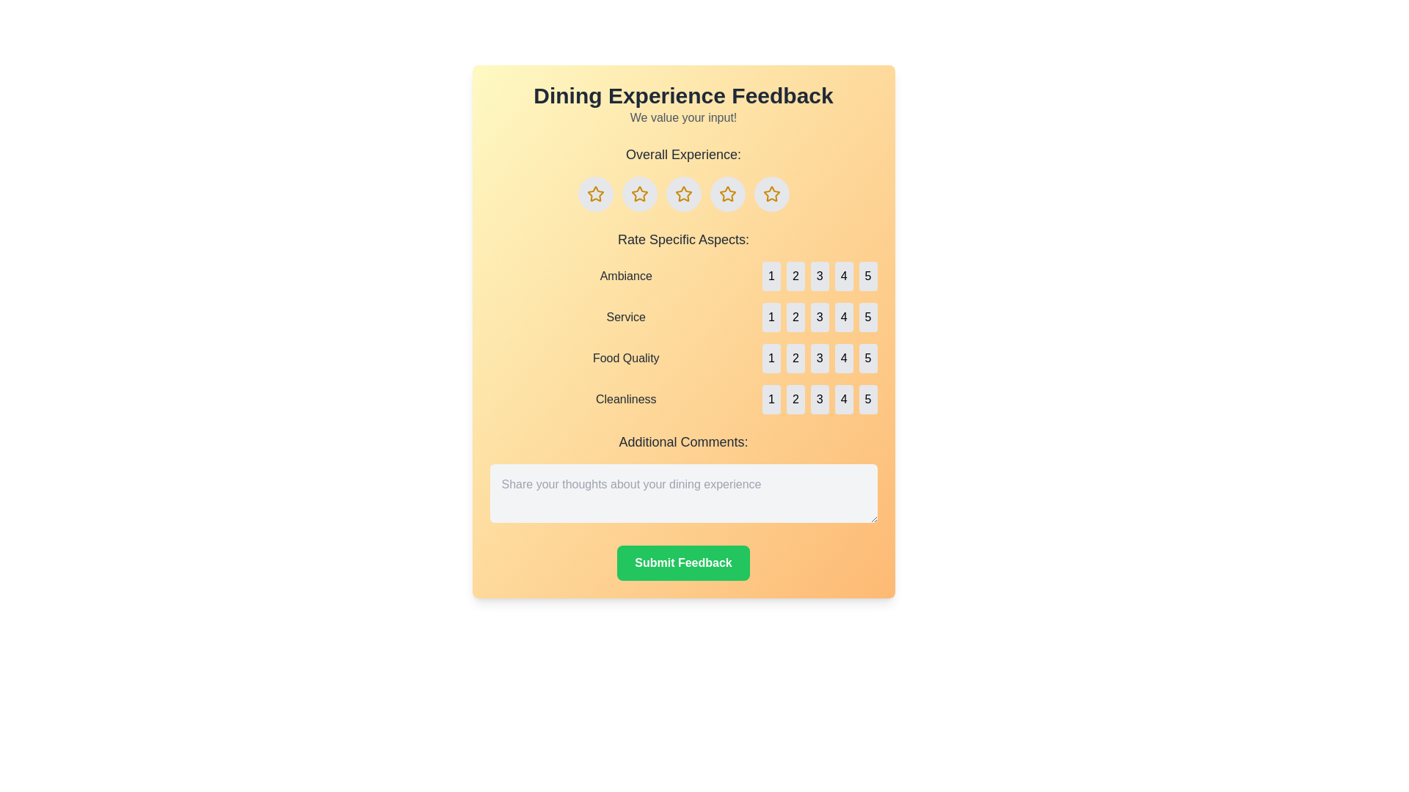  Describe the element at coordinates (682, 194) in the screenshot. I see `the third rating button with a star icon` at that location.